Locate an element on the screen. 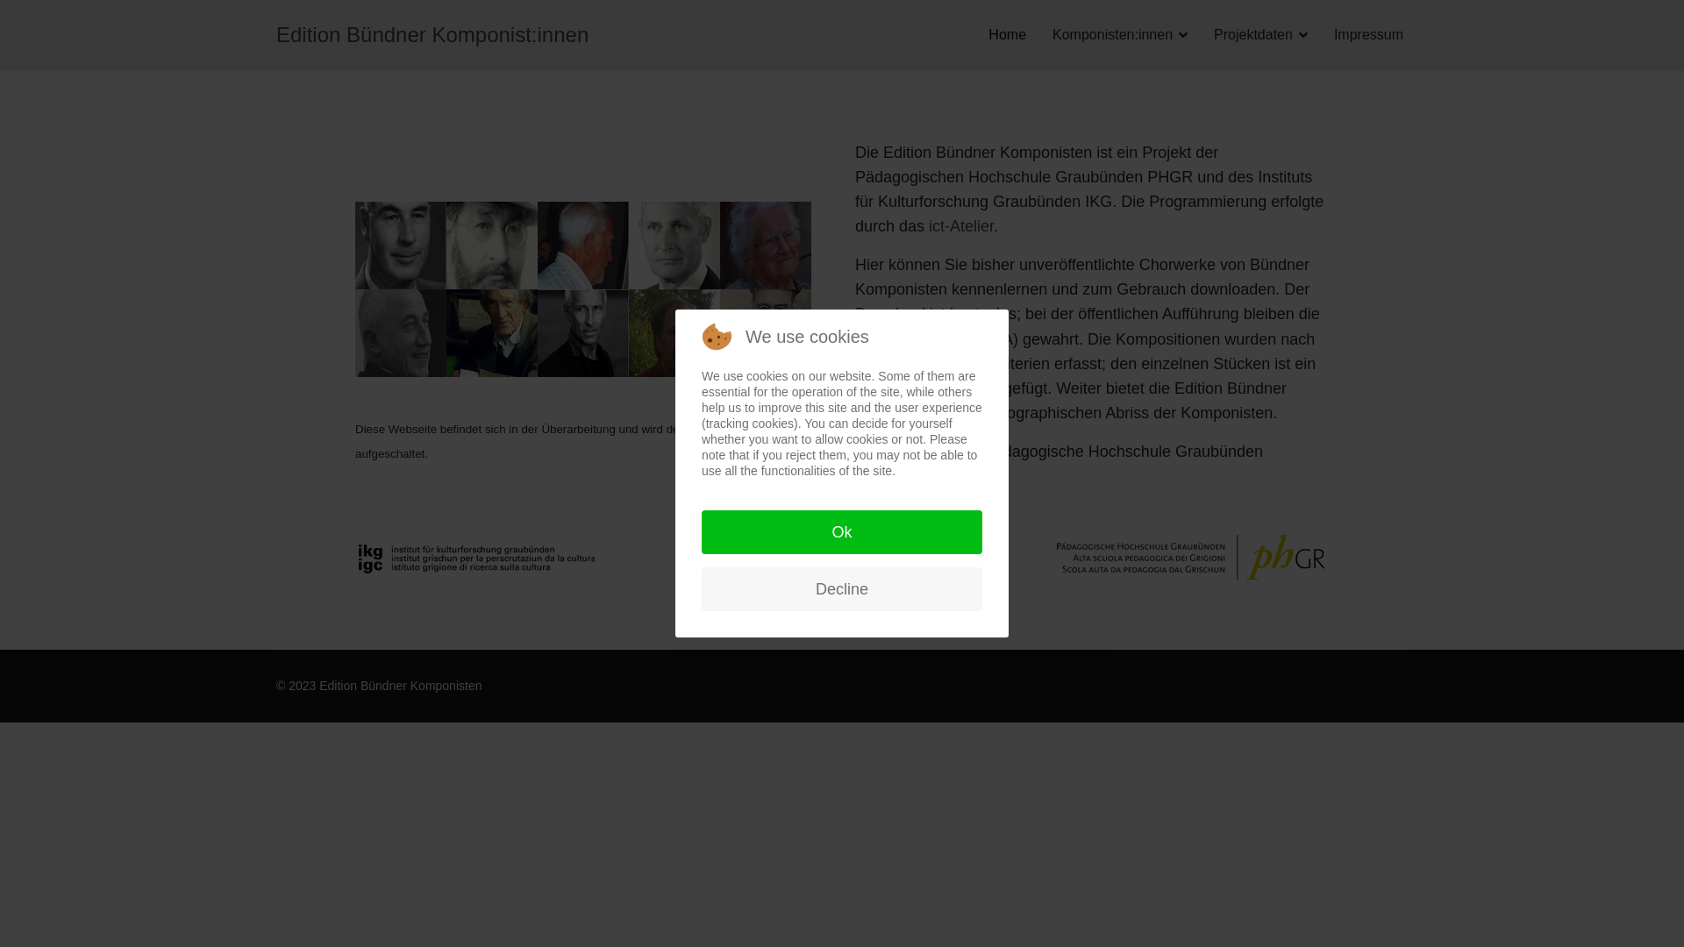  'Projektdaten' is located at coordinates (1199, 34).